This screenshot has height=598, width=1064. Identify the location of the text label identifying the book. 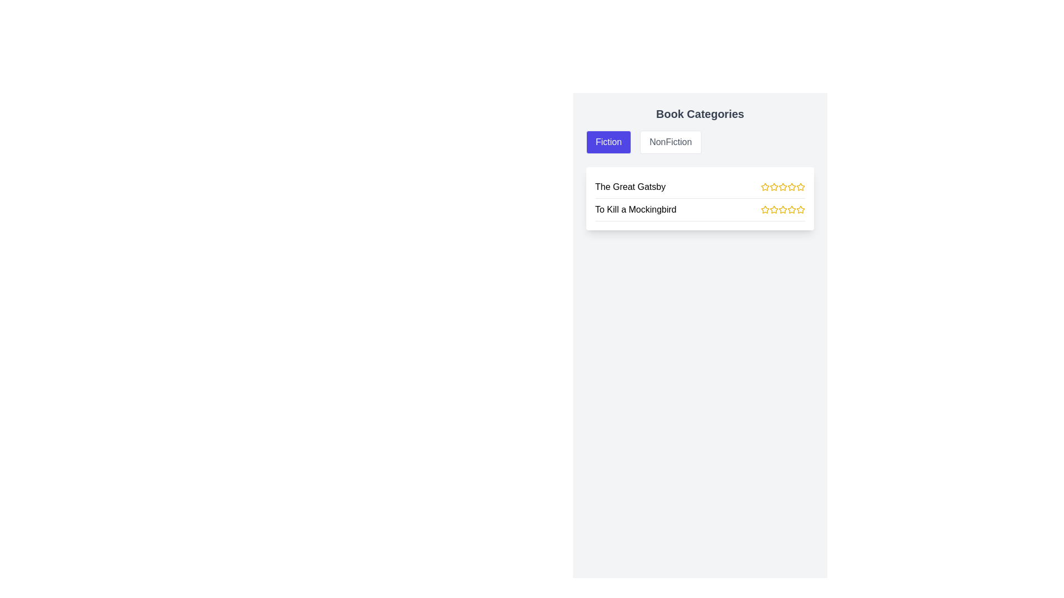
(630, 187).